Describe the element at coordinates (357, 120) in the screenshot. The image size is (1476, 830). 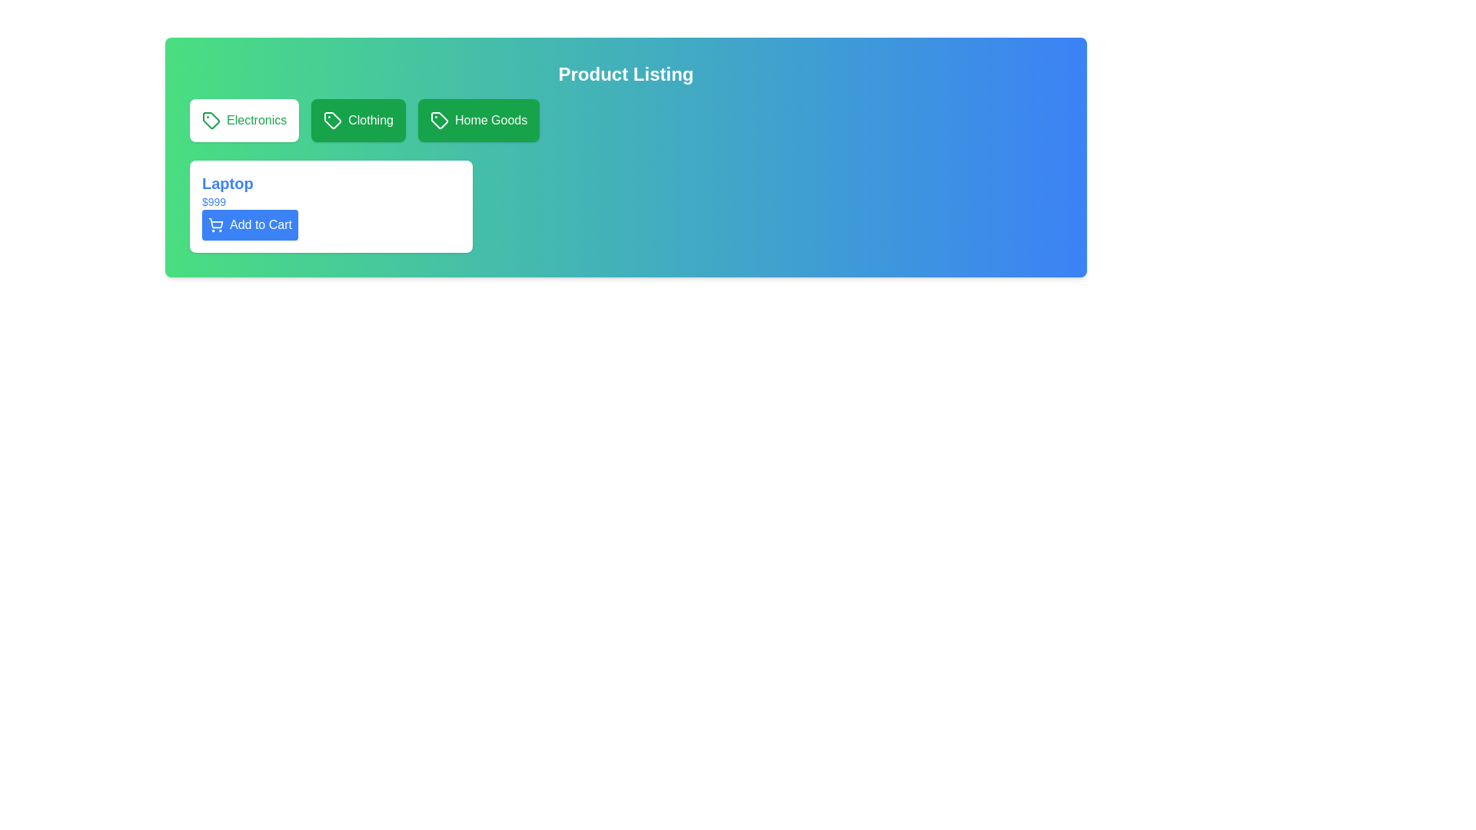
I see `the rectangular button with rounded corners that has a vivid green background and contains a price tag icon and the text 'Clothing'` at that location.